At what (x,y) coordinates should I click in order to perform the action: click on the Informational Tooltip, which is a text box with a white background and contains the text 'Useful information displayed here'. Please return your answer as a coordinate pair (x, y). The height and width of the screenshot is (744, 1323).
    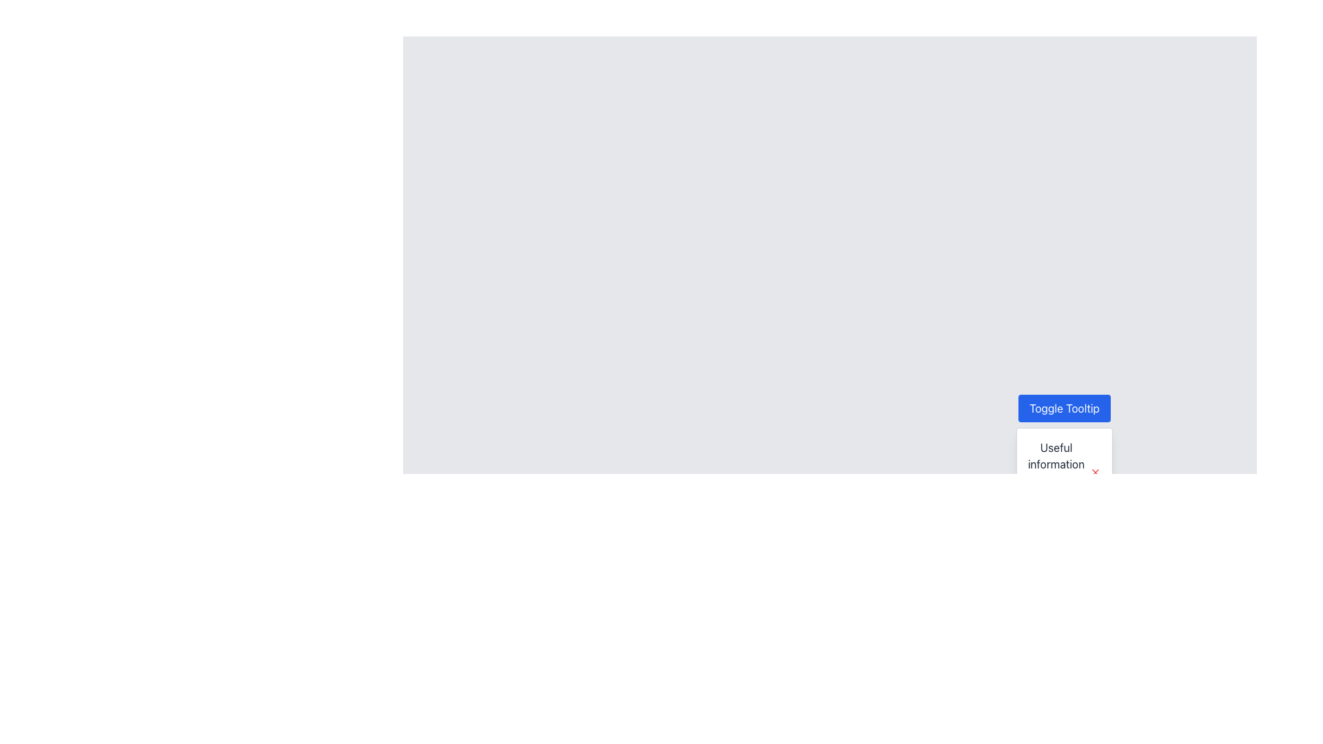
    Looking at the image, I should click on (1064, 472).